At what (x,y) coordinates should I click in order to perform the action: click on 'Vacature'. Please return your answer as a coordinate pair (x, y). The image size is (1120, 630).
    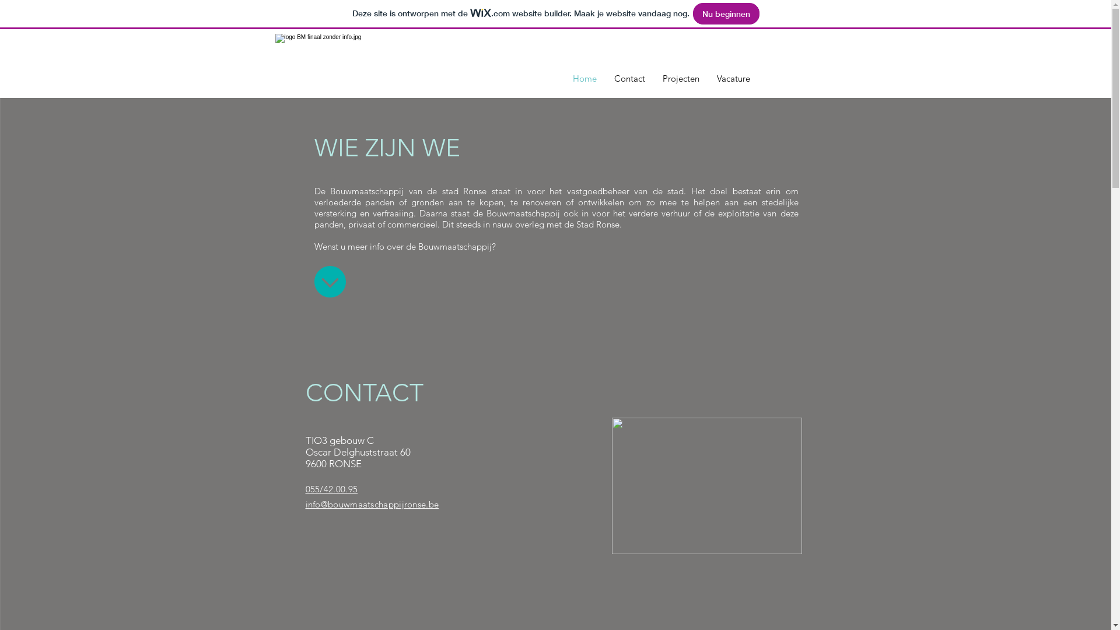
    Looking at the image, I should click on (733, 79).